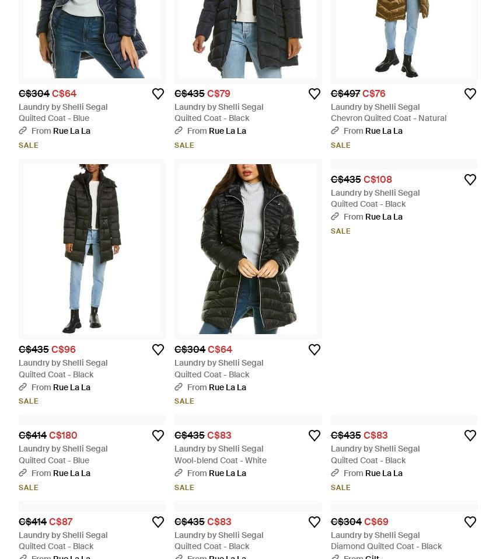 The height and width of the screenshot is (559, 496). Describe the element at coordinates (62, 435) in the screenshot. I see `'C$180'` at that location.